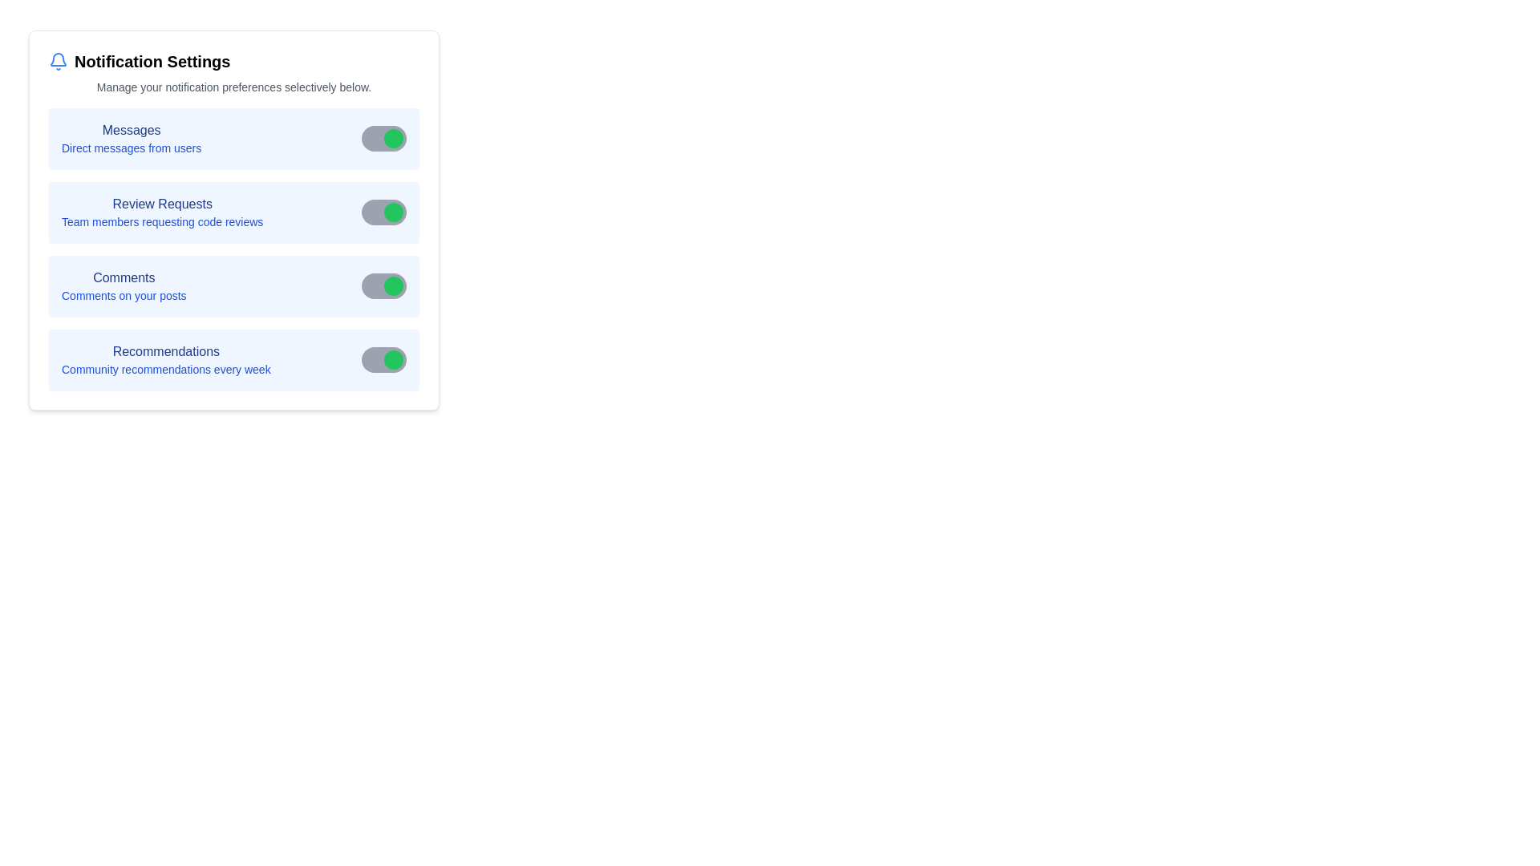  I want to click on the Text Label that describes the type of notifications for team members requesting code reviews, located beneath the 'Review Requests' heading, so click(162, 222).